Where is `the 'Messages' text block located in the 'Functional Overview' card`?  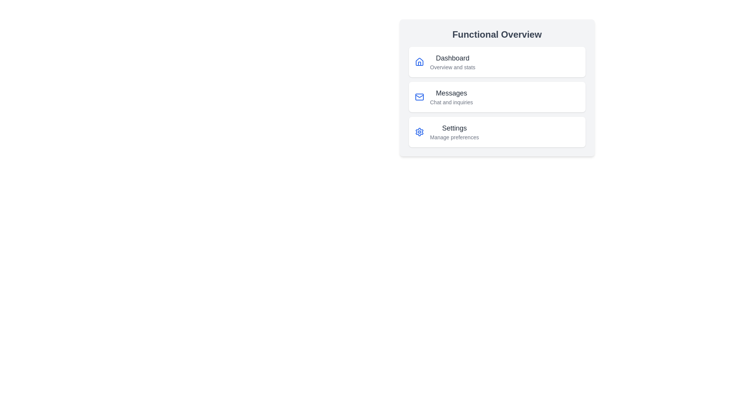
the 'Messages' text block located in the 'Functional Overview' card is located at coordinates (451, 96).